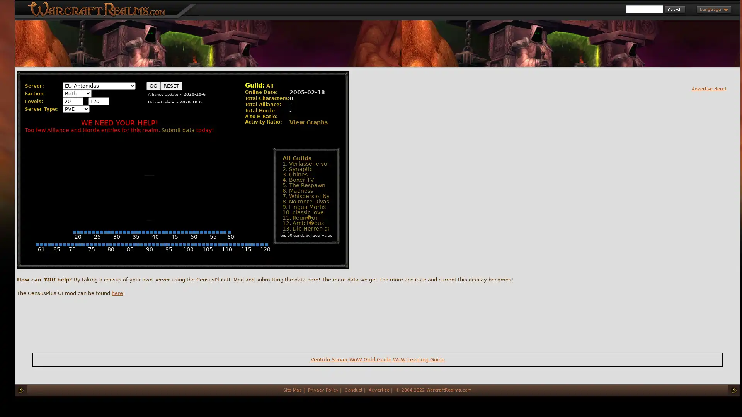  I want to click on GO, so click(153, 86).